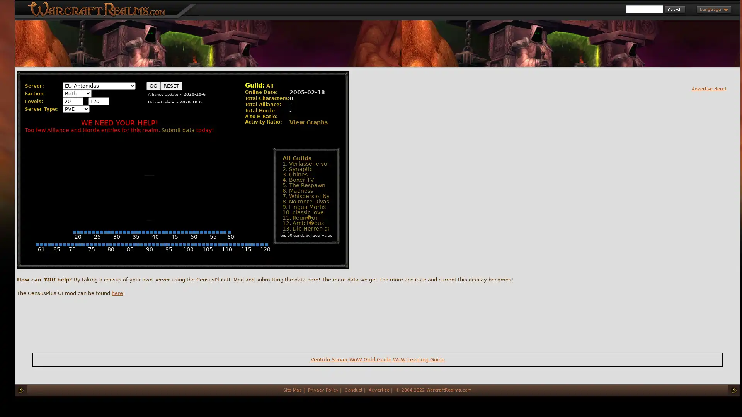  I want to click on GO, so click(153, 86).